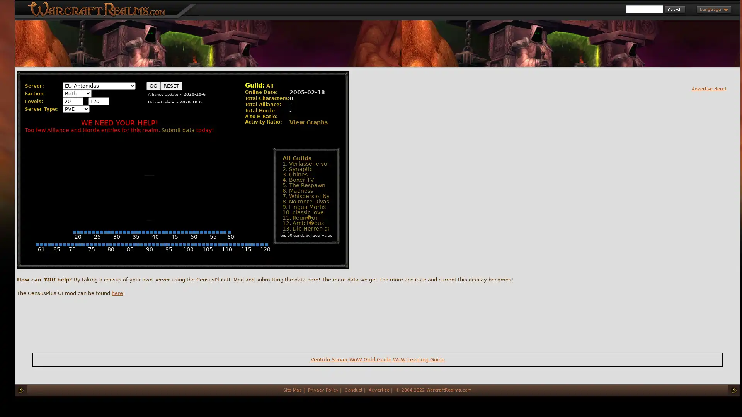  I want to click on GO, so click(153, 86).